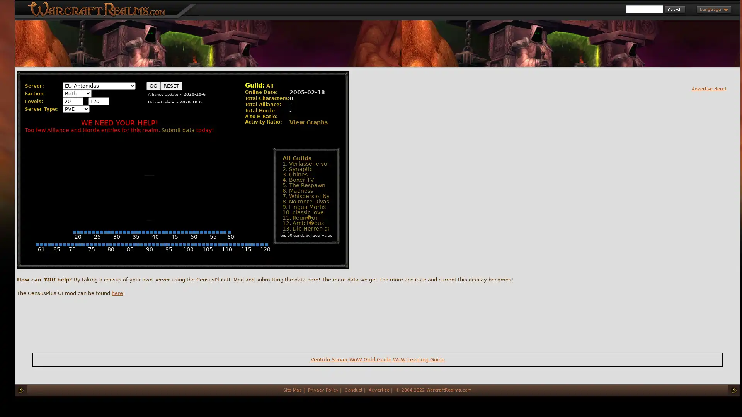  I want to click on GO, so click(153, 86).